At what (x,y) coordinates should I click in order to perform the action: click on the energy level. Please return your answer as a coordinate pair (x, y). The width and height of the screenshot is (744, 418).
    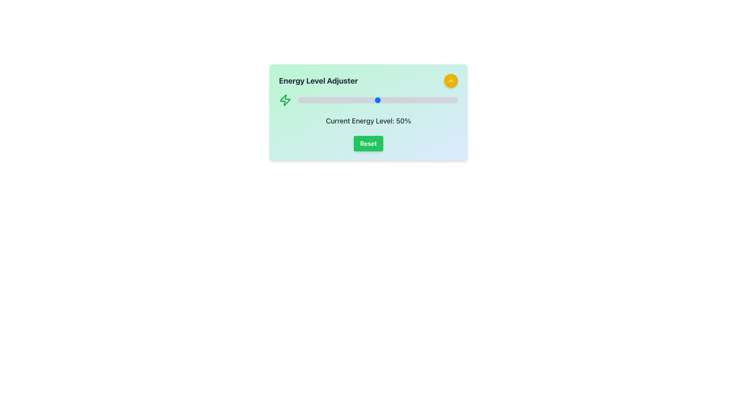
    Looking at the image, I should click on (310, 99).